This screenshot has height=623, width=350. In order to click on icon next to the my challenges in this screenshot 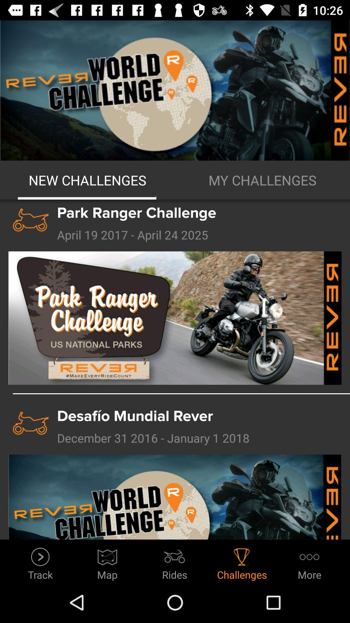, I will do `click(87, 180)`.